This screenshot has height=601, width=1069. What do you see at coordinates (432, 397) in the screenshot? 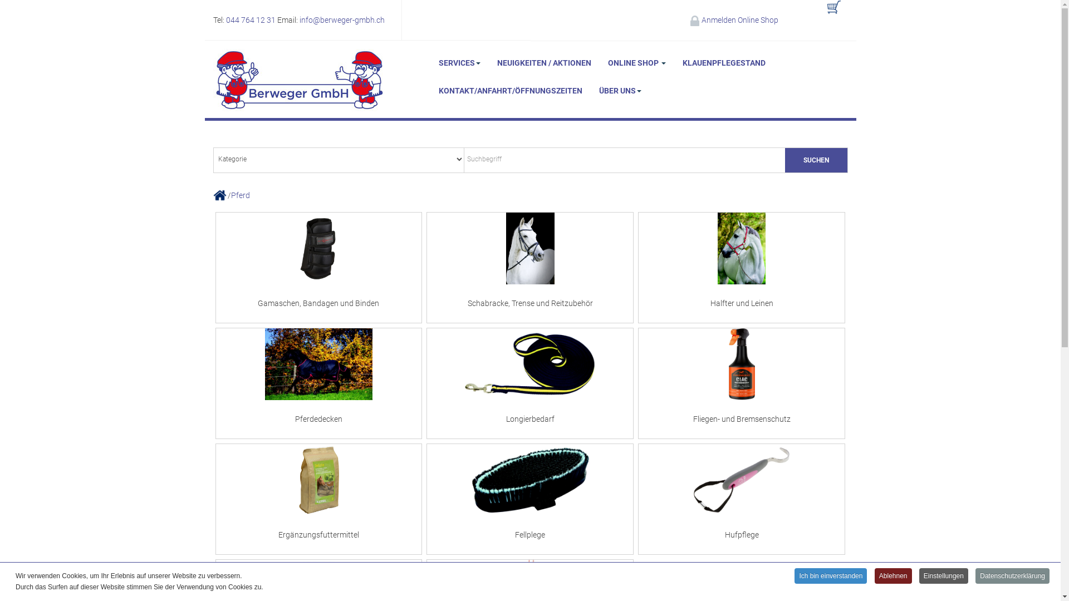
I see `'Alle Cookies erlauben'` at bounding box center [432, 397].